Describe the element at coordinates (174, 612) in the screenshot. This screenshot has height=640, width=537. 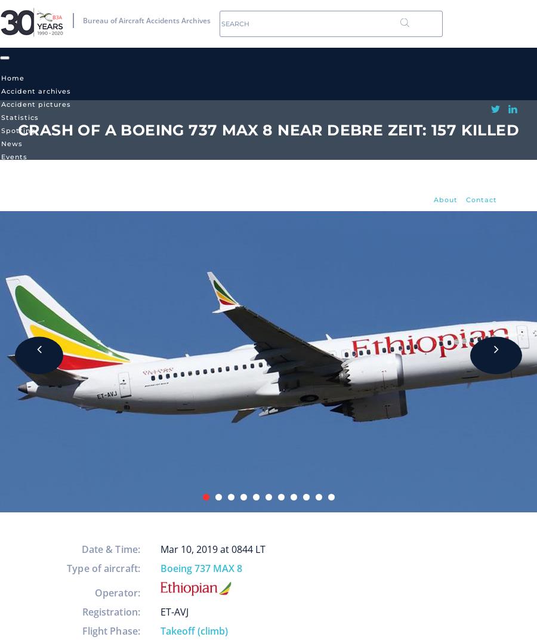
I see `'ET-AVJ'` at that location.